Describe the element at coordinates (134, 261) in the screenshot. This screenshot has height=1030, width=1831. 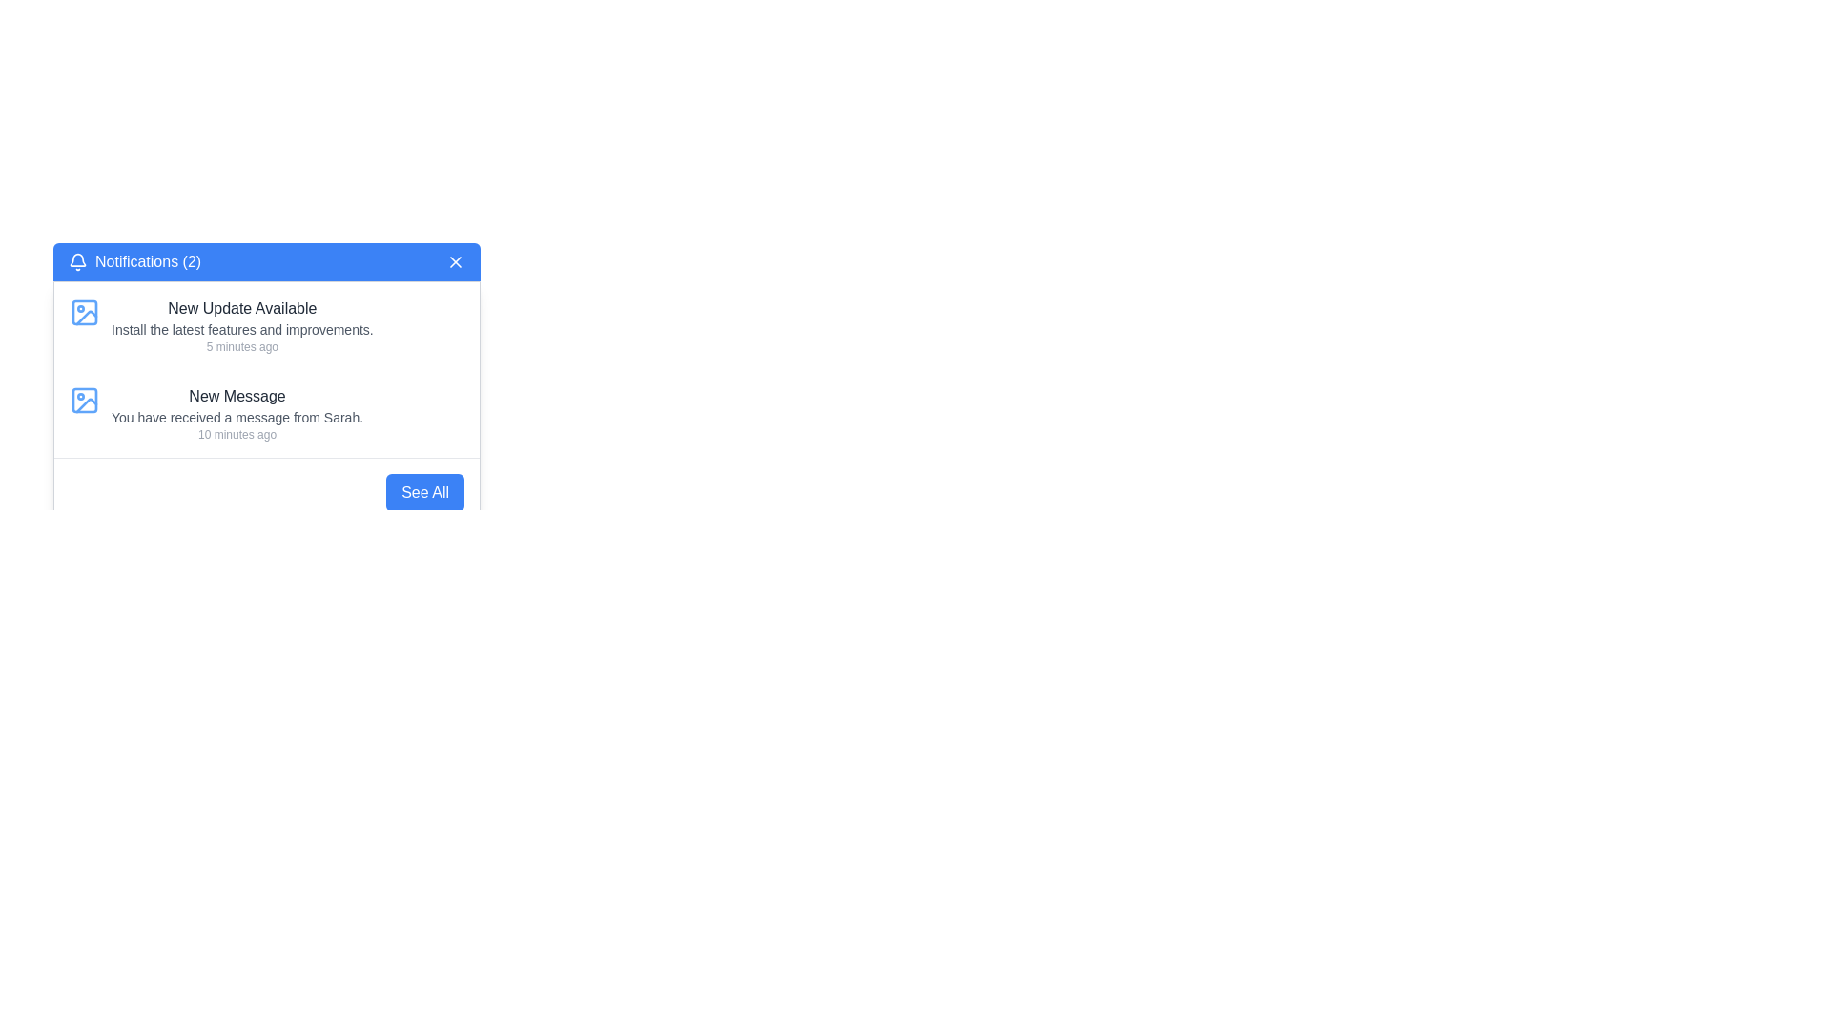
I see `the 'Notifications (2)' label which has a bell icon and a blue background, located at the top-left corner of the notification bar` at that location.